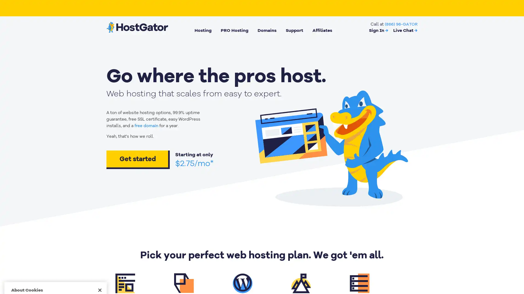  I want to click on Cookies Settings, so click(55, 273).